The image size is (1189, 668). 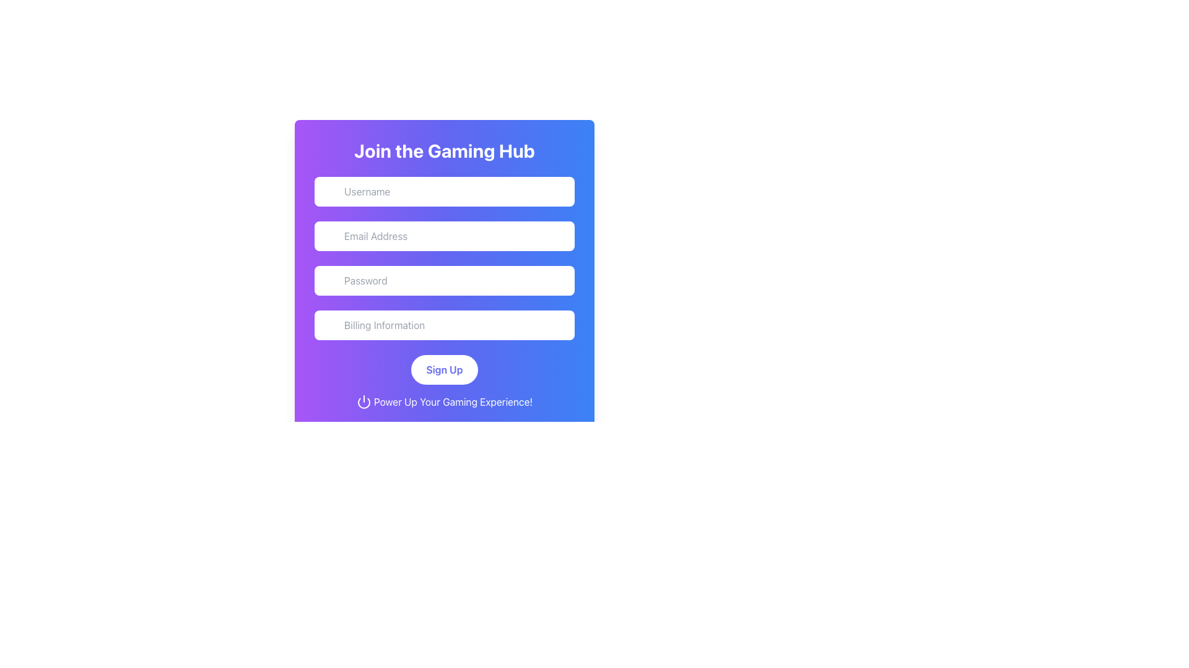 I want to click on the 'Sign Up' button located centrally at the bottom of the form, so click(x=445, y=369).